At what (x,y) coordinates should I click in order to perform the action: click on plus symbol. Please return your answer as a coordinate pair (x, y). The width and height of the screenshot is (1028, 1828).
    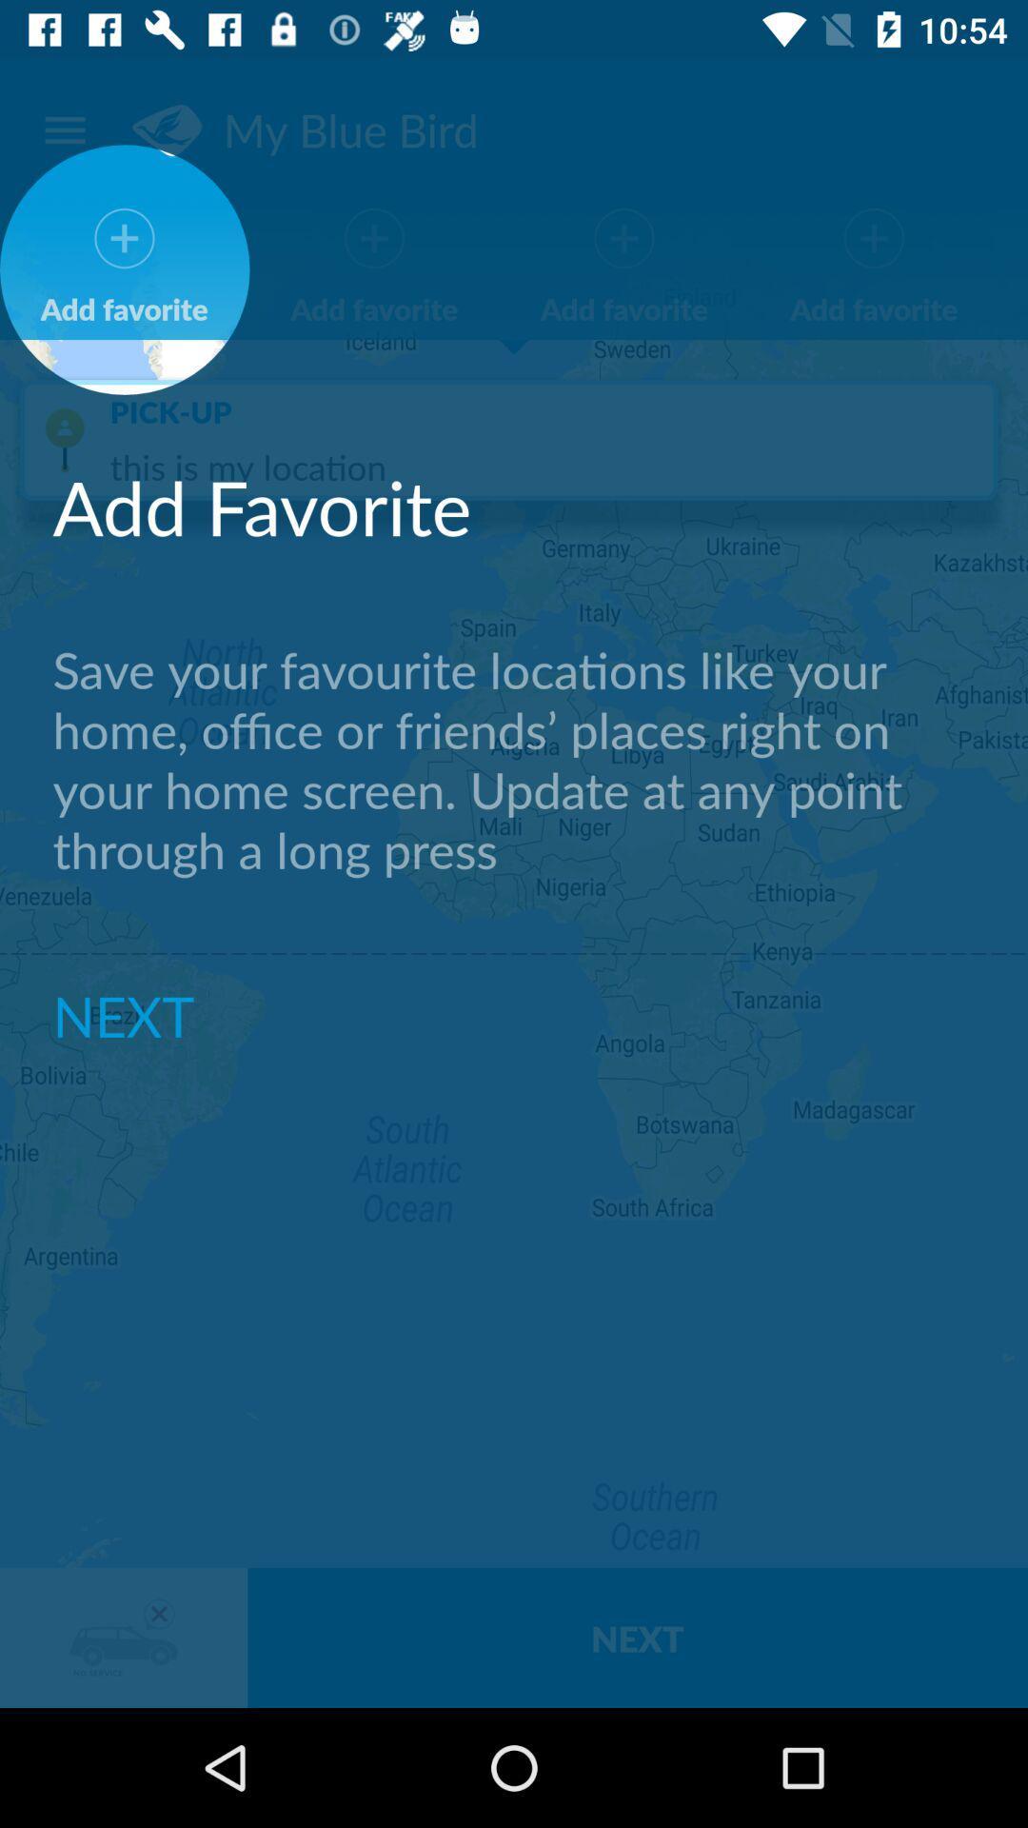
    Looking at the image, I should click on (374, 237).